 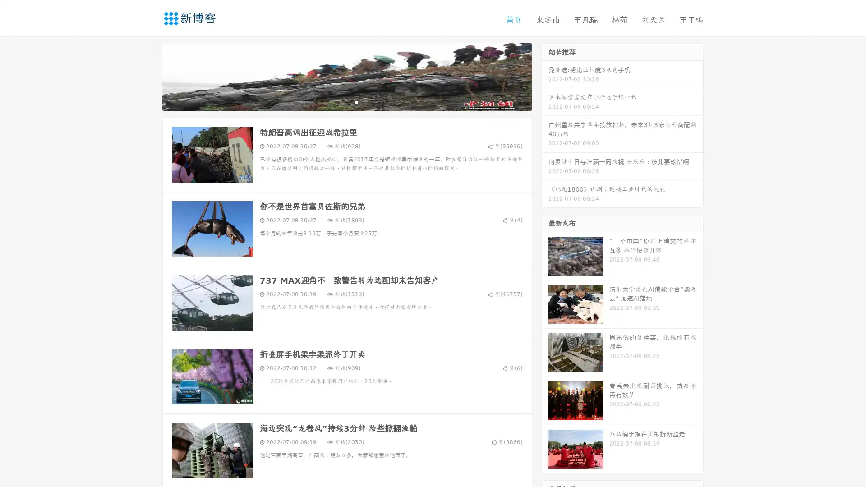 What do you see at coordinates (545, 76) in the screenshot?
I see `Next slide` at bounding box center [545, 76].